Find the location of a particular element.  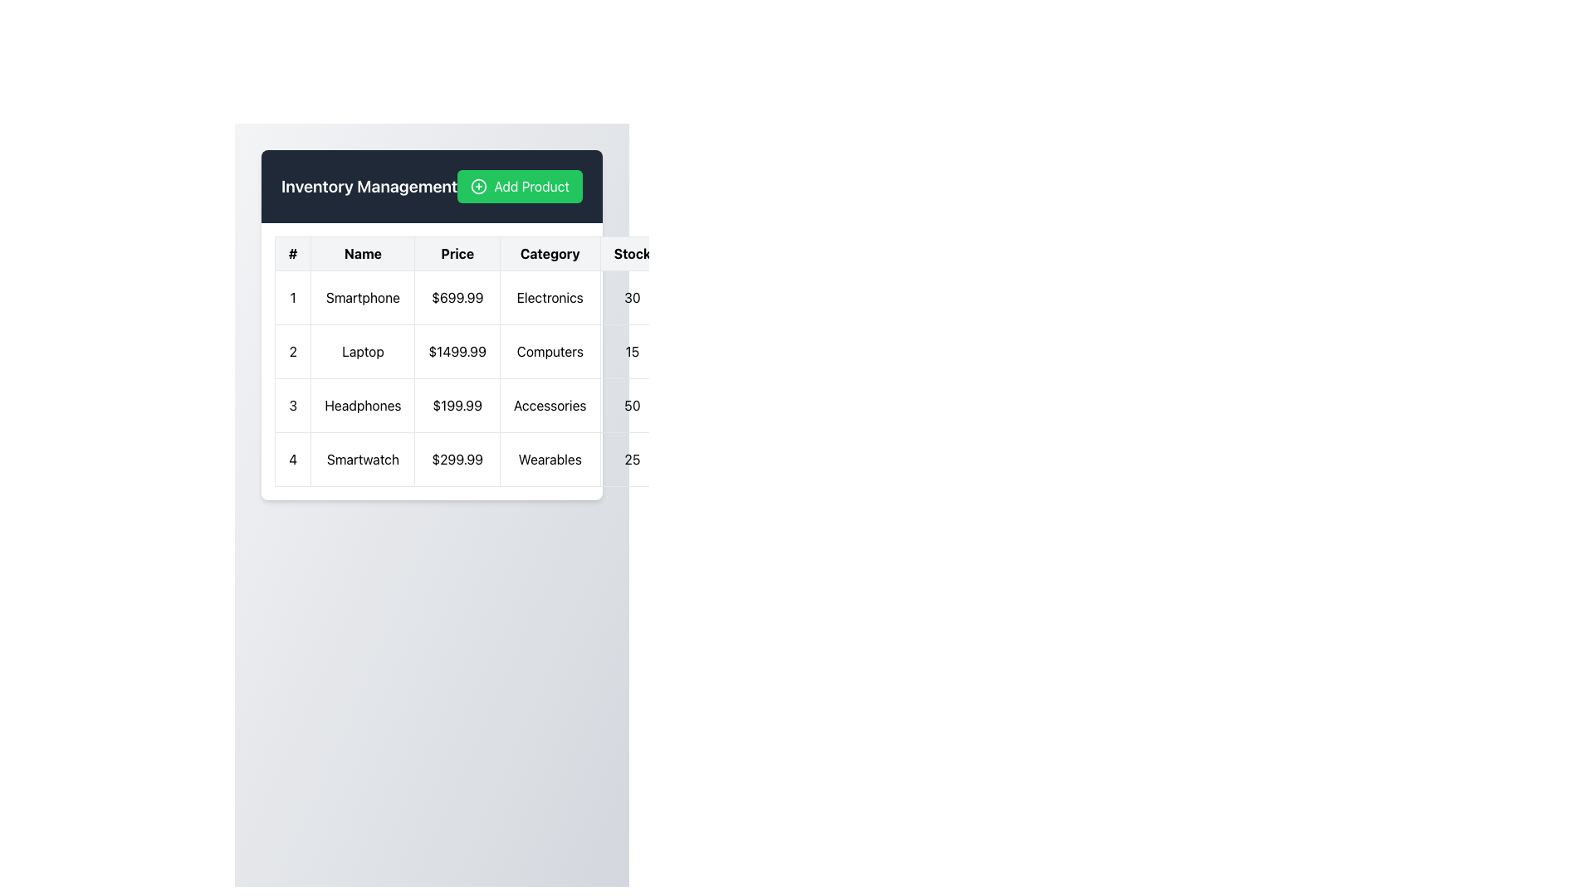

text from the square-shaped table header cell labeled '#', located at the top-left corner of the data table is located at coordinates (293, 253).